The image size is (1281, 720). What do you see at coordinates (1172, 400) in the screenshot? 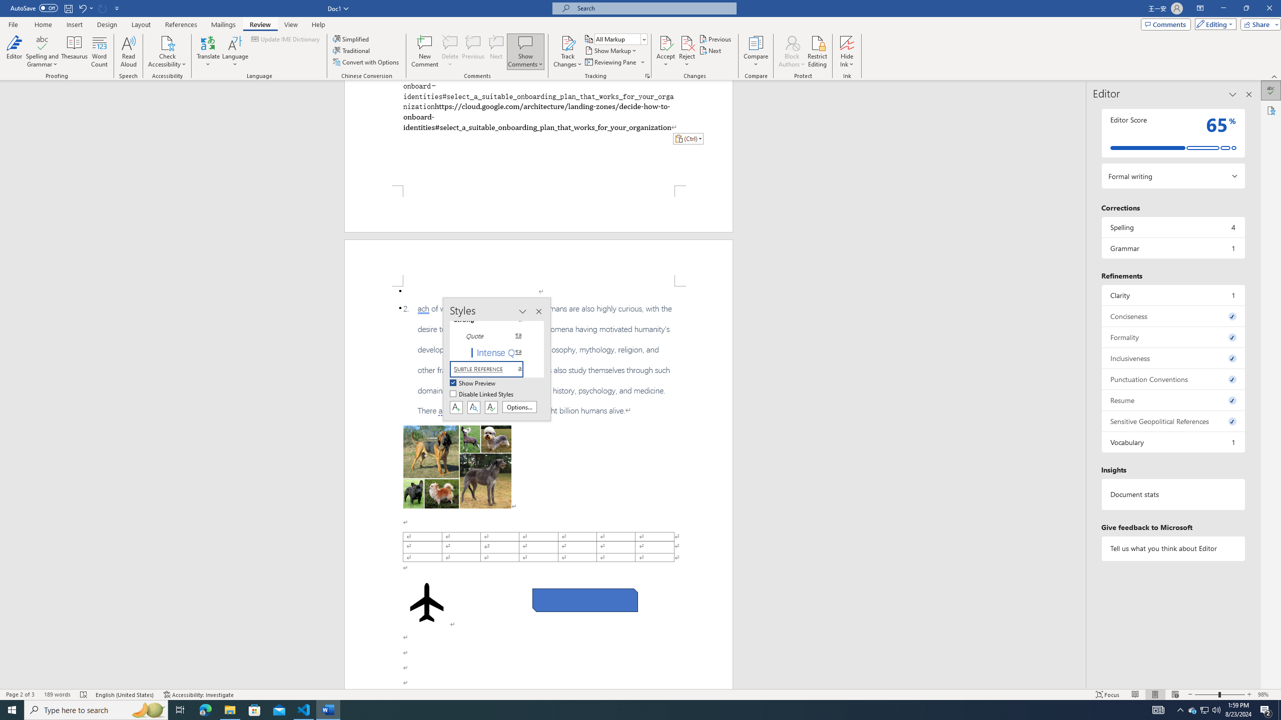
I see `'Resume, 0 issues. Press space or enter to review items.'` at bounding box center [1172, 400].